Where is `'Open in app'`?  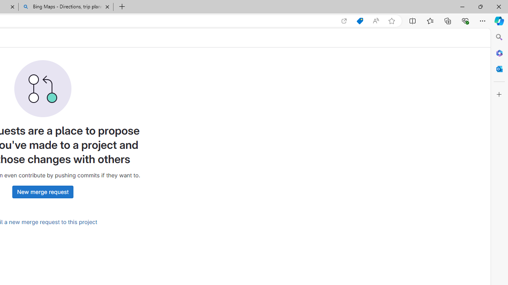 'Open in app' is located at coordinates (344, 21).